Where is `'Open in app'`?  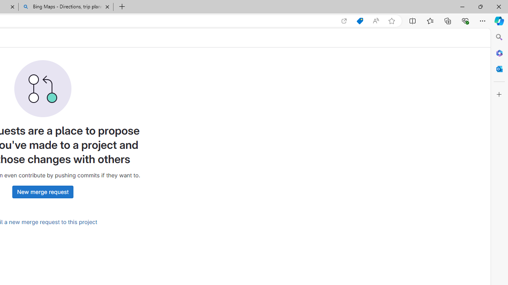 'Open in app' is located at coordinates (344, 21).